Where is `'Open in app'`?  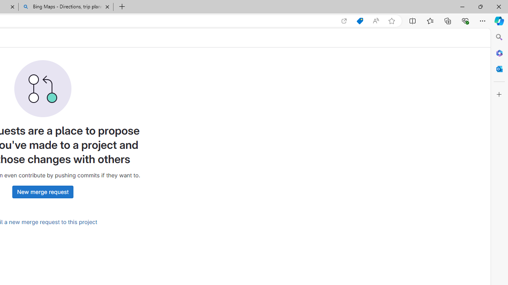 'Open in app' is located at coordinates (344, 21).